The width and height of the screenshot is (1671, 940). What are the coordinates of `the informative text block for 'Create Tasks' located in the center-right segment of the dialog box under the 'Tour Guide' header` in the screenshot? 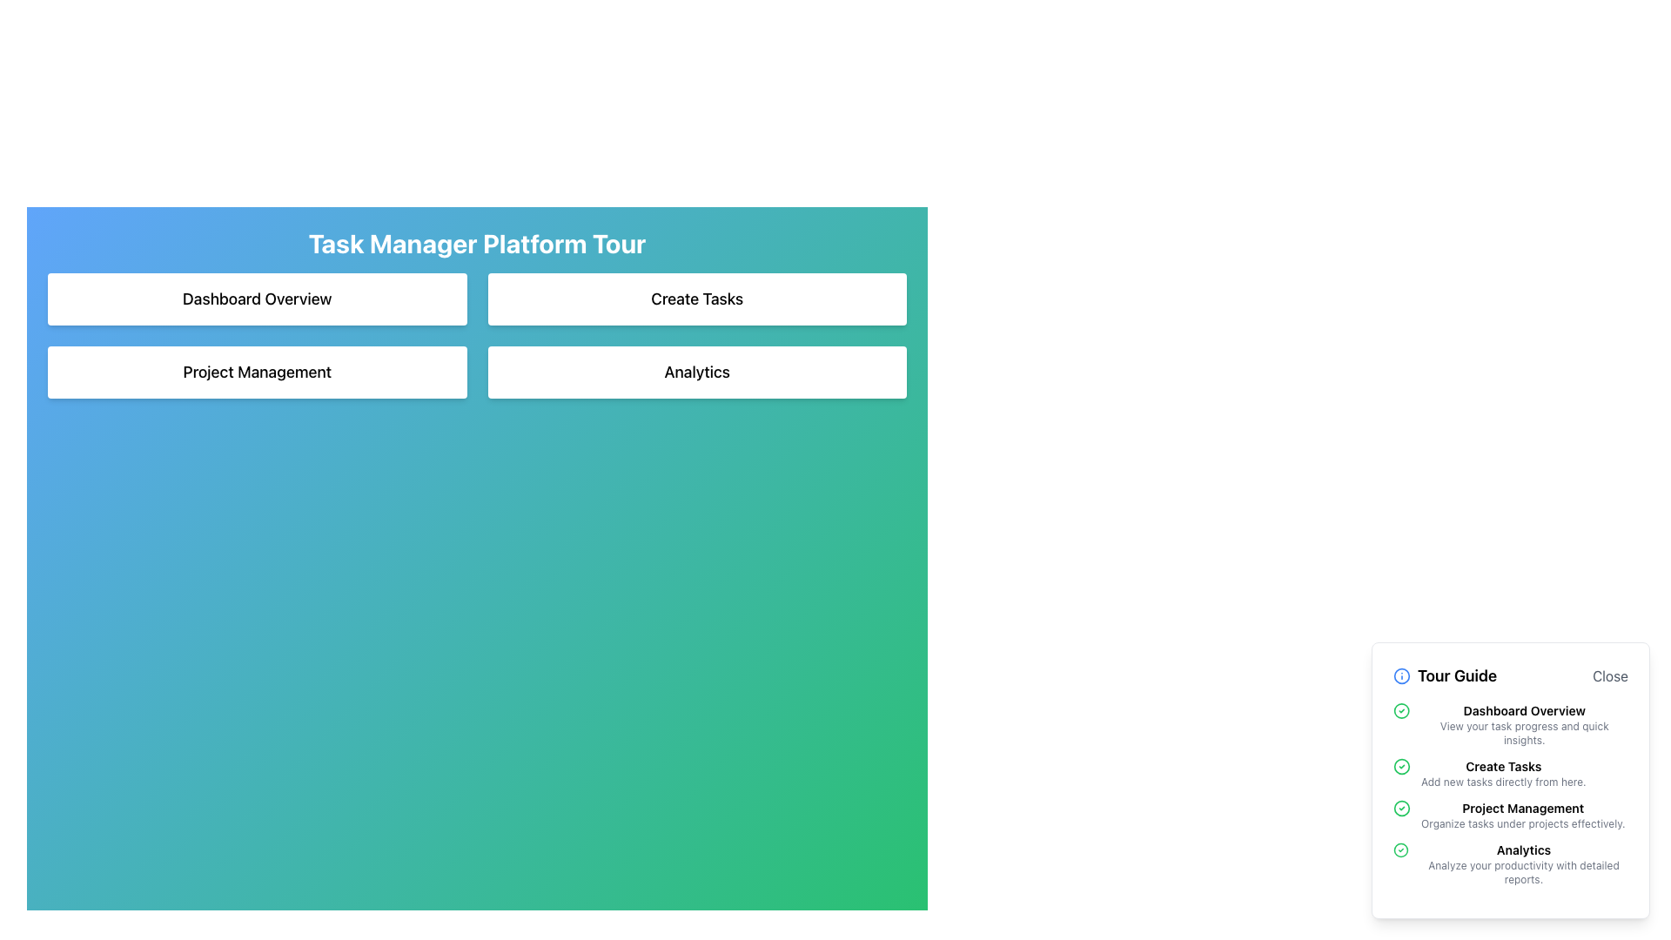 It's located at (1510, 772).